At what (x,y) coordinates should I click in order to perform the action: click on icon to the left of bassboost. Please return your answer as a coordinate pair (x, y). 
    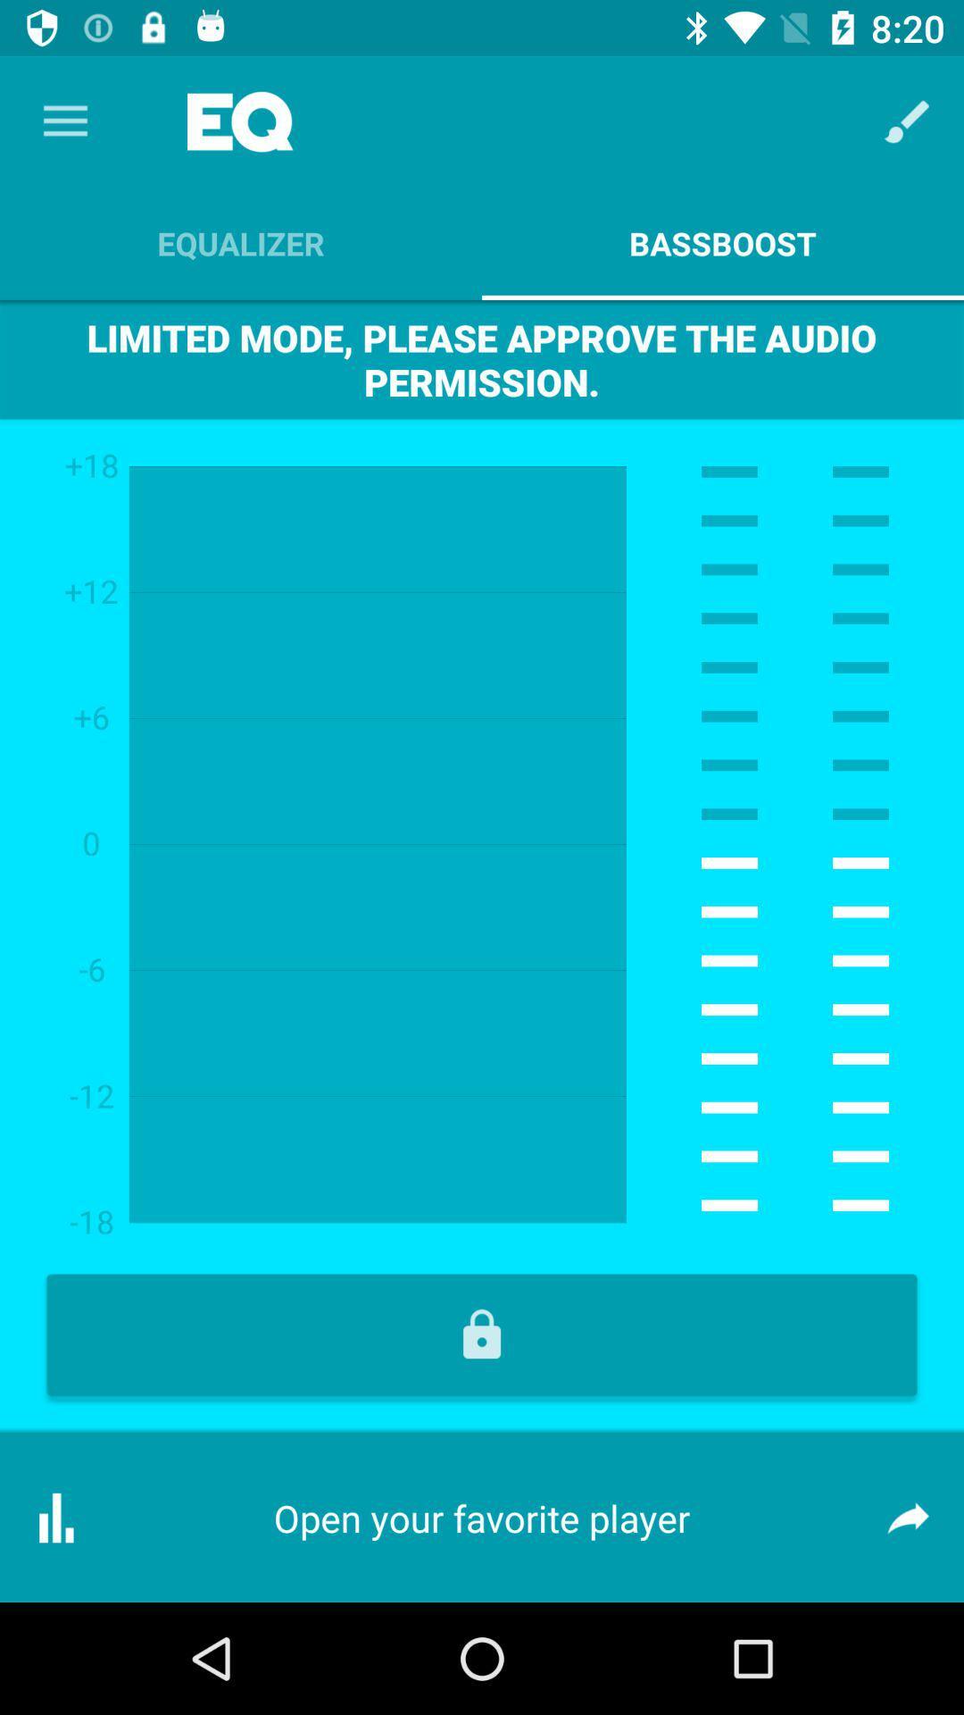
    Looking at the image, I should click on (241, 243).